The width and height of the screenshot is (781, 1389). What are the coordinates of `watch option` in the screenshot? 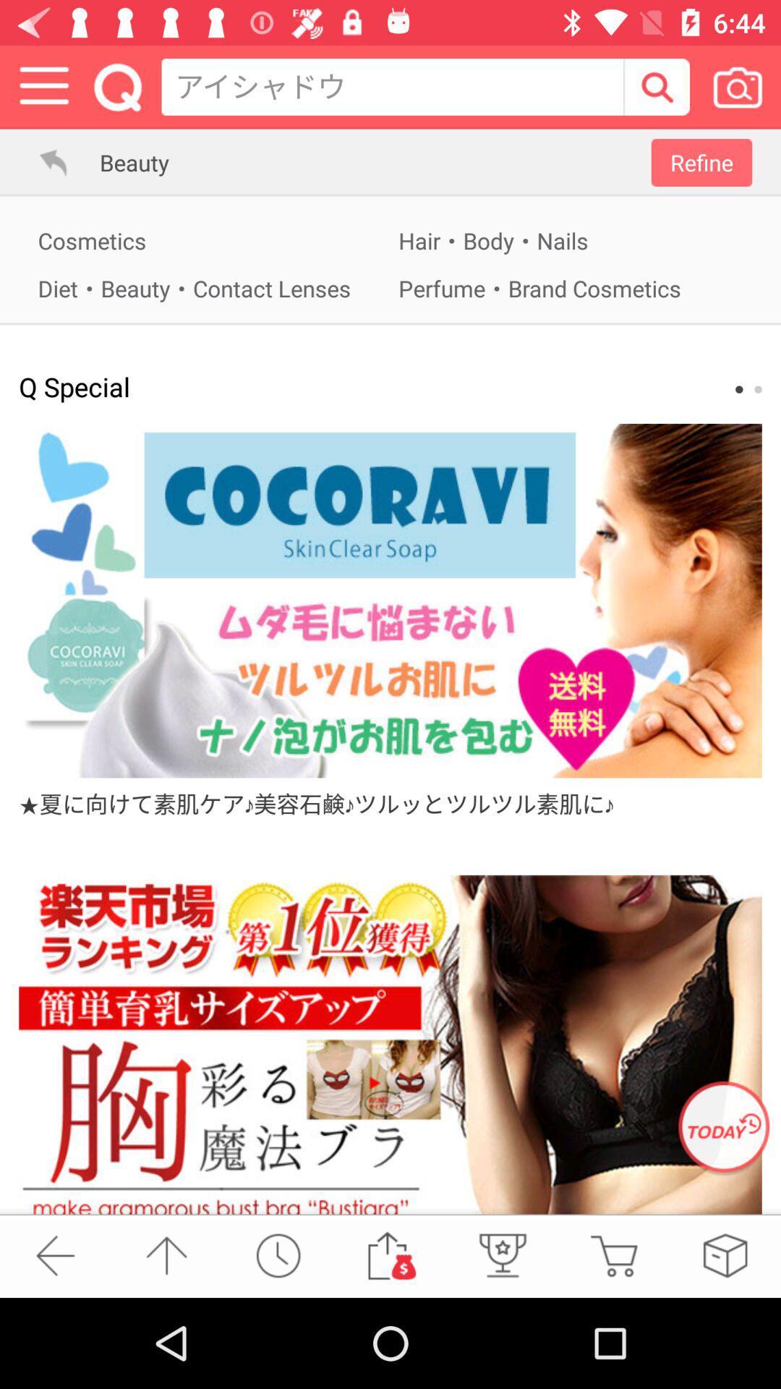 It's located at (278, 1254).